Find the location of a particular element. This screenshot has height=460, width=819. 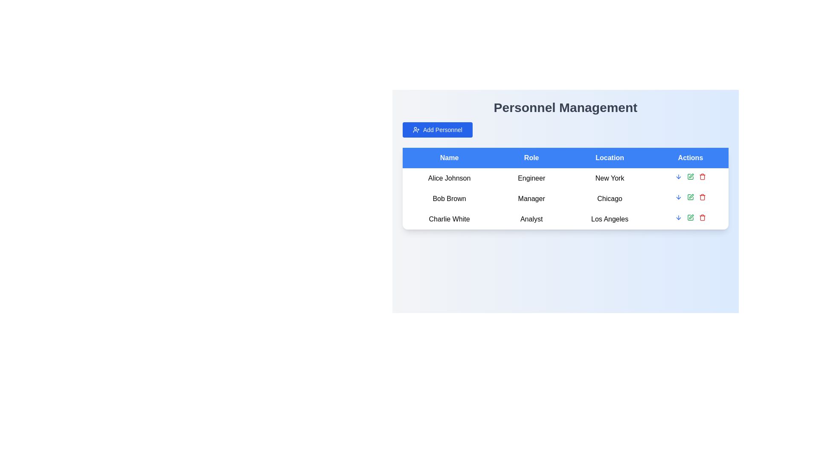

the table cell displaying 'Los Angeles' located in the 'Location' column of the row for 'Charlie White', which is the third cell in that row is located at coordinates (609, 219).